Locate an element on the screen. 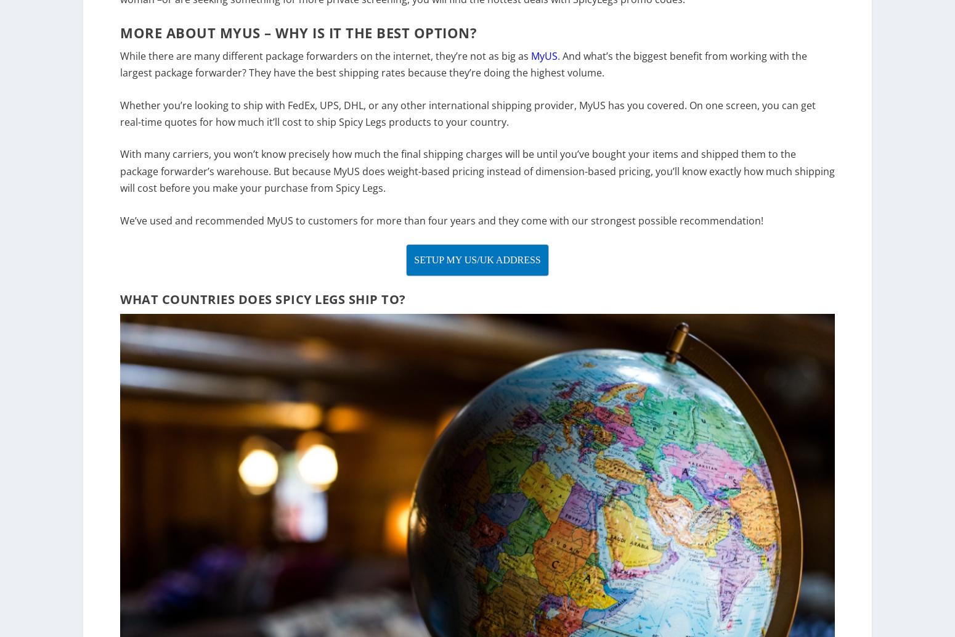 Image resolution: width=955 pixels, height=637 pixels. 'FedEx' is located at coordinates (301, 112).